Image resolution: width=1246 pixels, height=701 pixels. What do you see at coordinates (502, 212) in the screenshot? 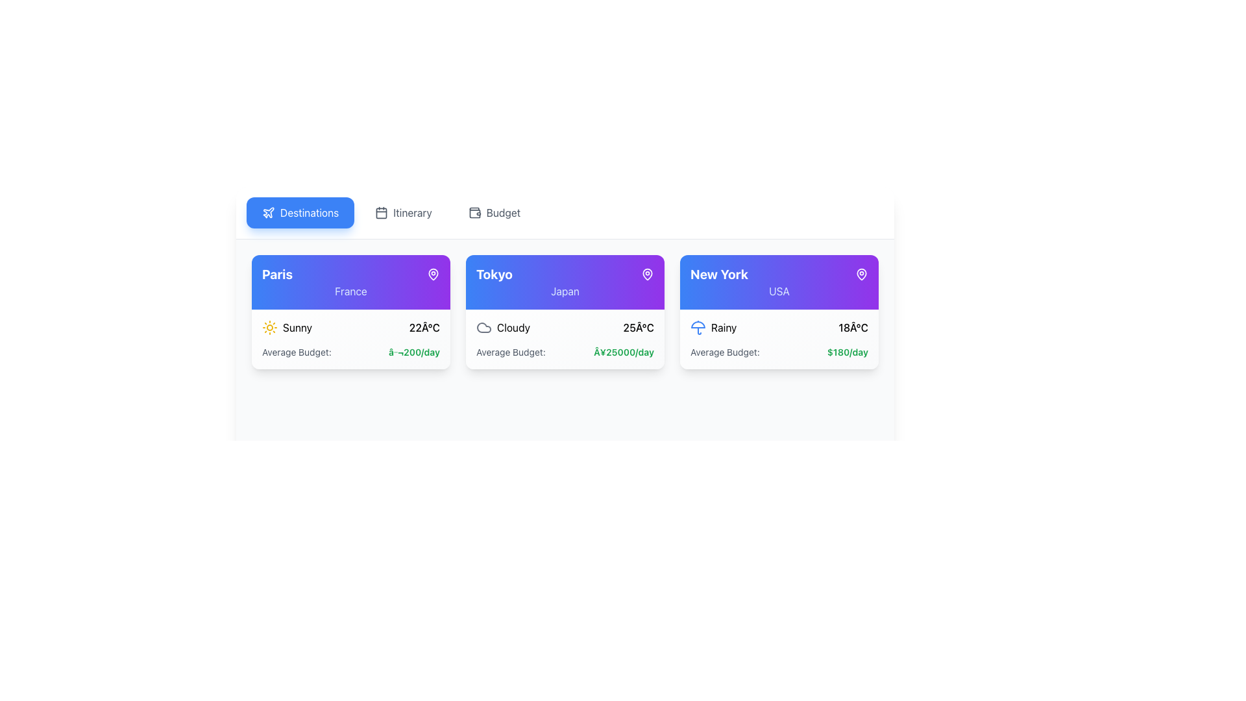
I see `the 'Budget' text label in the navigation bar` at bounding box center [502, 212].